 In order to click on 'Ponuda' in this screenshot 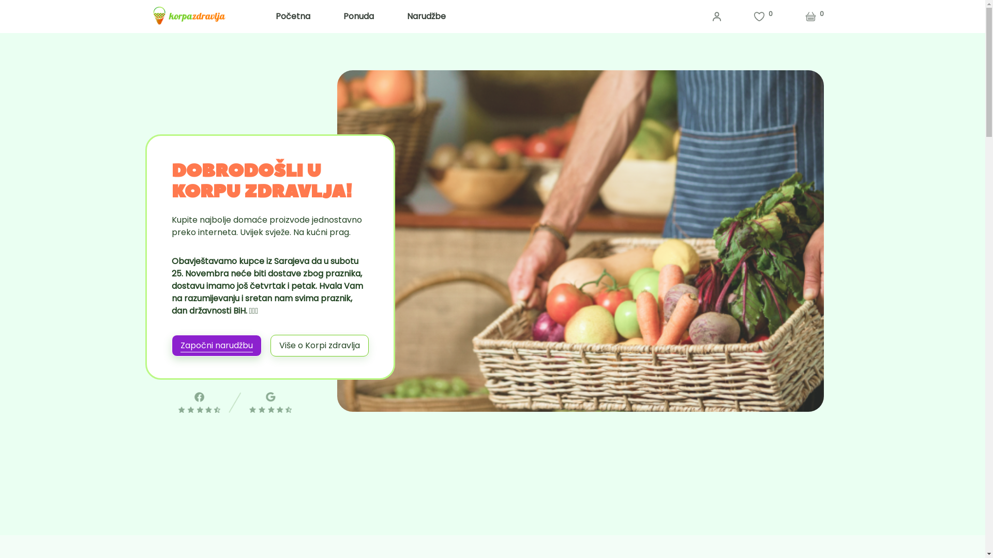, I will do `click(358, 16)`.